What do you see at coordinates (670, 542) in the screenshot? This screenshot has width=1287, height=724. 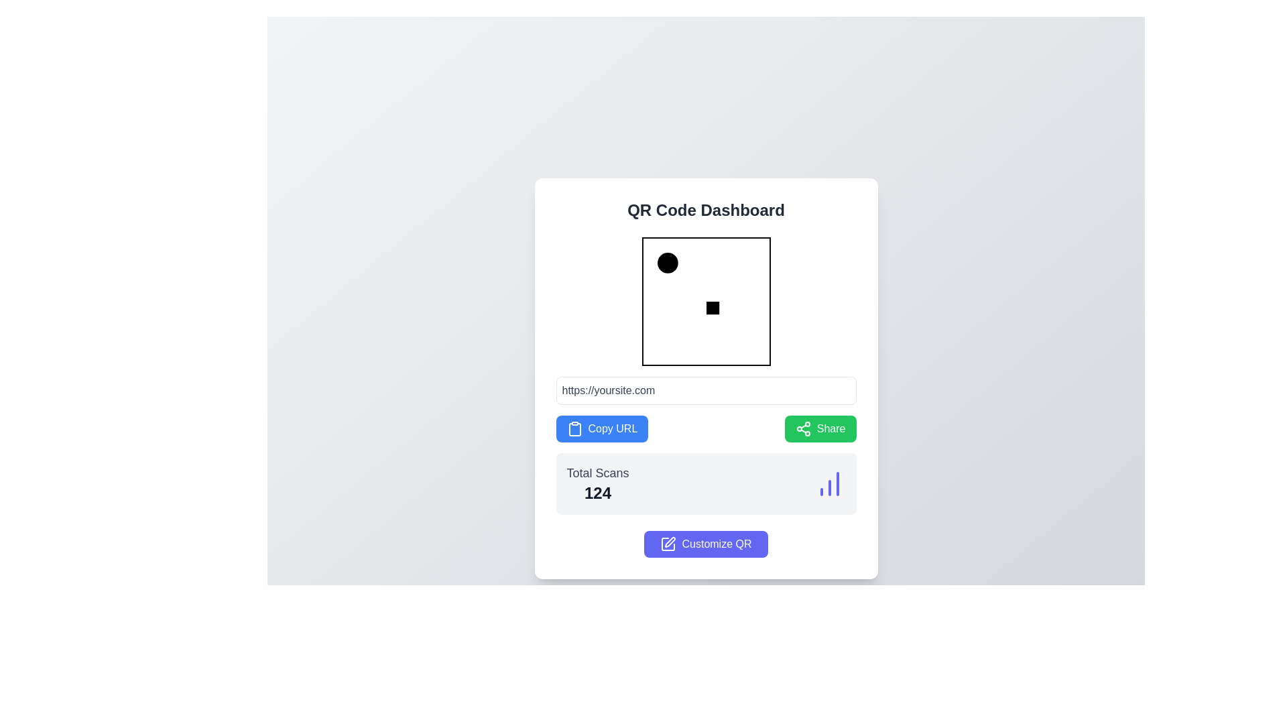 I see `pen icon graphical element represented within the SVG component, which has a clean, outlined stroke design, by opening the developer tools` at bounding box center [670, 542].